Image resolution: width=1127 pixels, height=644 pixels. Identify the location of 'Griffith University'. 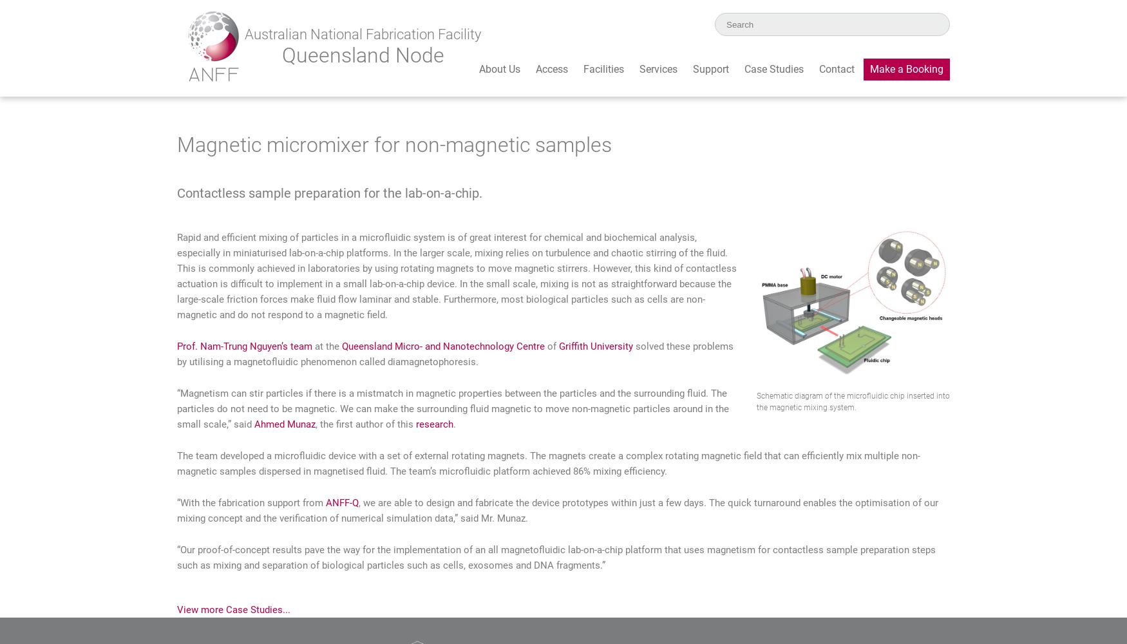
(595, 346).